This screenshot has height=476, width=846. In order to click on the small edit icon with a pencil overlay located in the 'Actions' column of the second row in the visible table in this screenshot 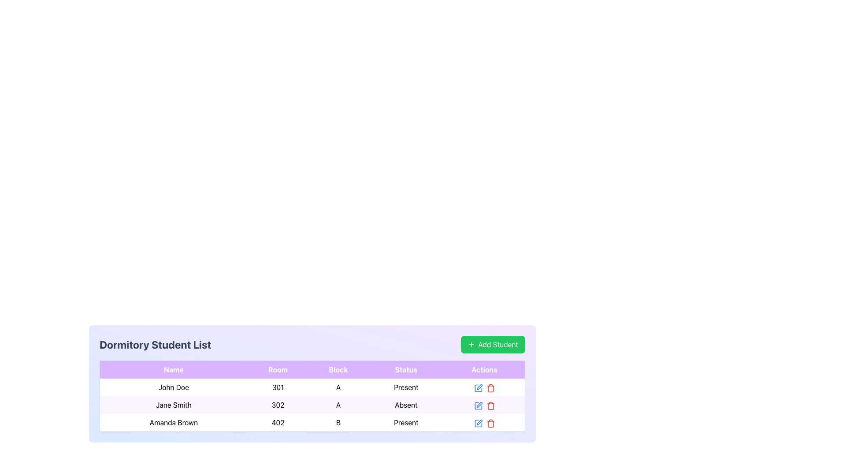, I will do `click(478, 405)`.